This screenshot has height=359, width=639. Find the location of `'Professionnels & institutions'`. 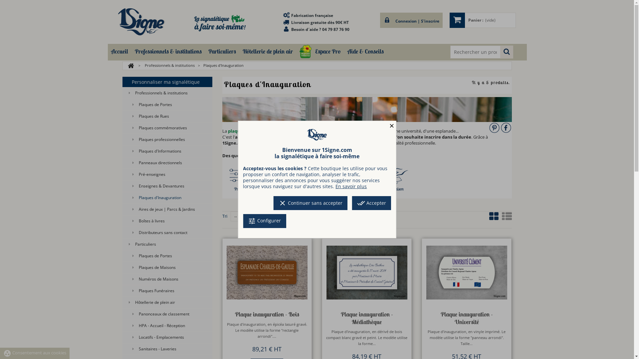

'Professionnels & institutions' is located at coordinates (169, 65).